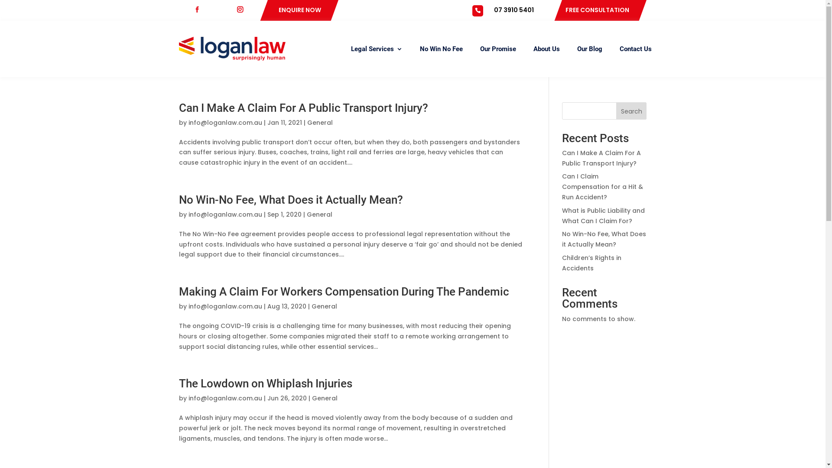 The image size is (832, 468). I want to click on 'What is Public Liability and What Can I Claim For?', so click(603, 215).